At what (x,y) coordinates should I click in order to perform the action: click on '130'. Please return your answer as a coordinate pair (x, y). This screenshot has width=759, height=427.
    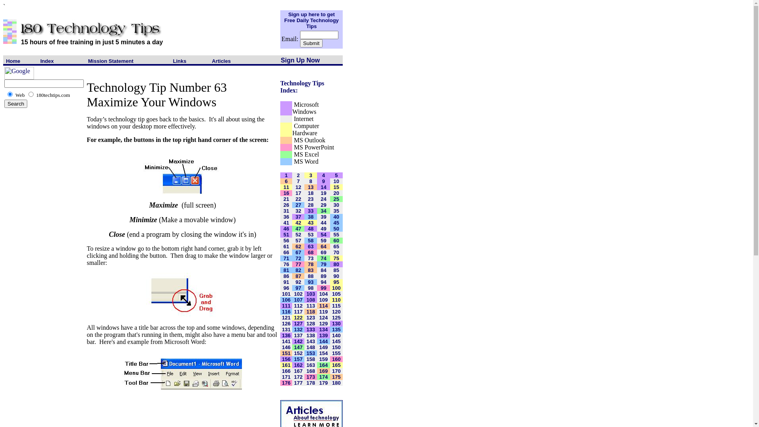
    Looking at the image, I should click on (336, 323).